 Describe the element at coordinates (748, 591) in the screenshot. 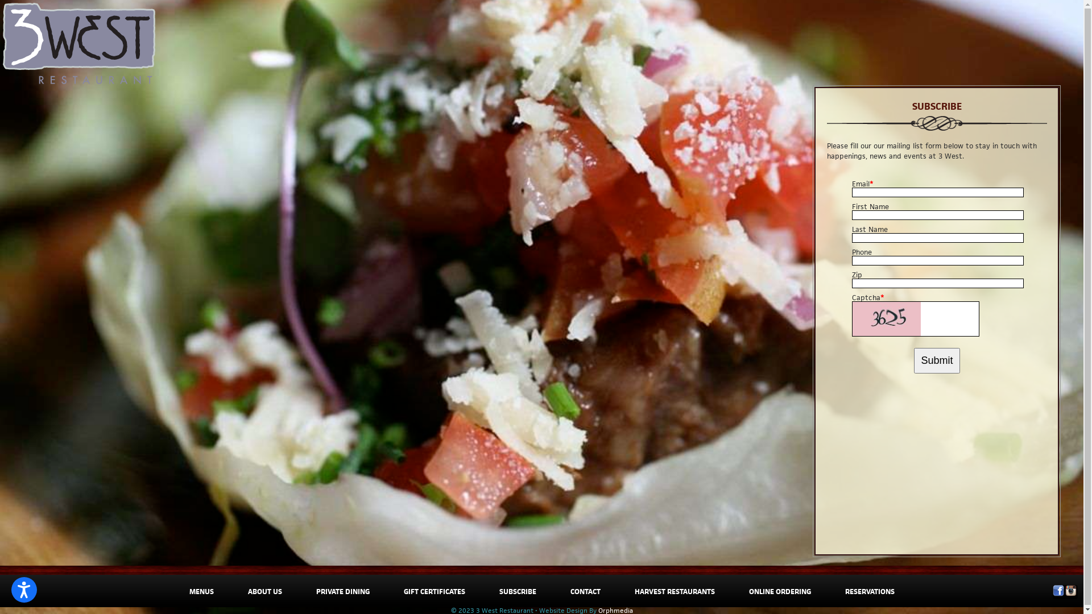

I see `'ONLINE ORDERING'` at that location.